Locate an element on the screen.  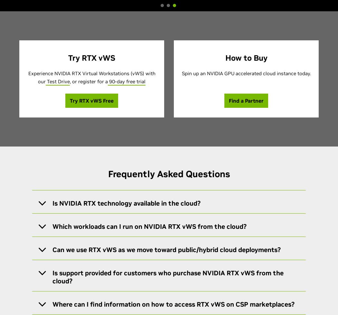
'Try RTX' is located at coordinates (80, 101).